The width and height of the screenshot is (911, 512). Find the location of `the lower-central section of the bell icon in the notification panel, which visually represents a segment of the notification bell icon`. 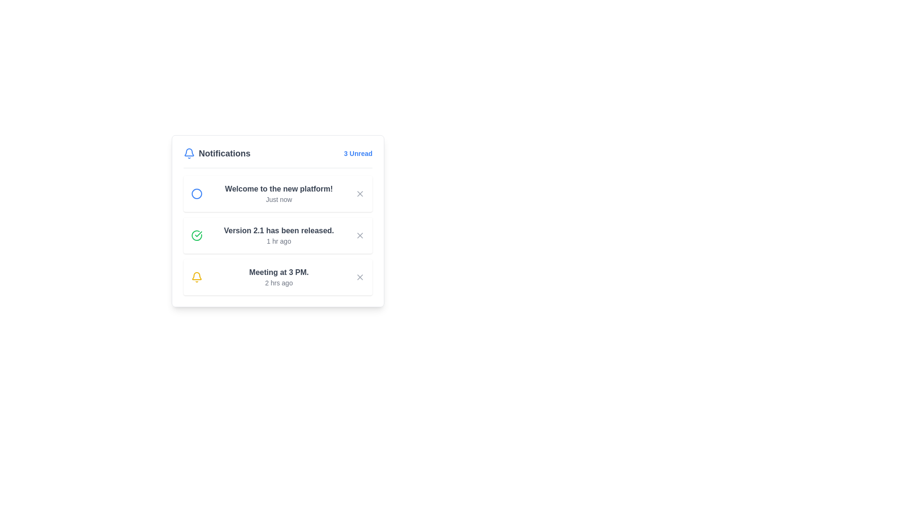

the lower-central section of the bell icon in the notification panel, which visually represents a segment of the notification bell icon is located at coordinates (196, 276).